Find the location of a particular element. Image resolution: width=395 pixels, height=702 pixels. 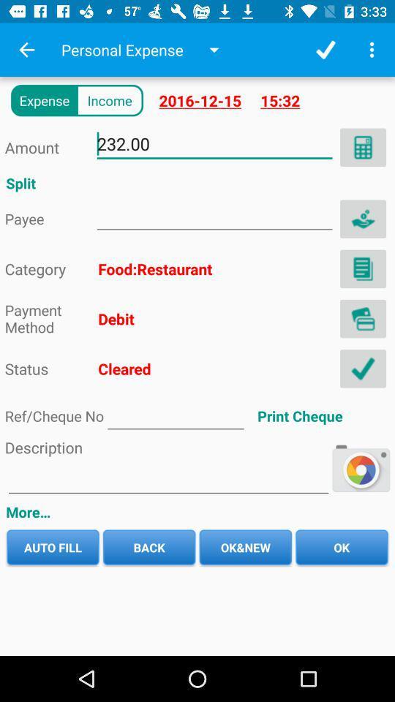

text box to enter is located at coordinates (168, 478).